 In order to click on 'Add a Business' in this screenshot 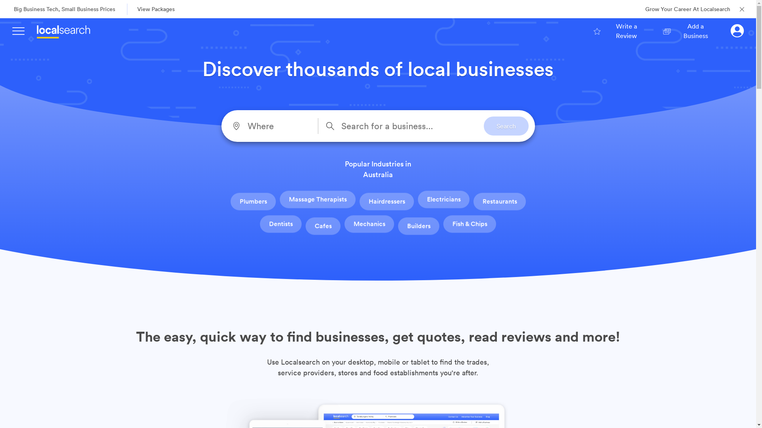, I will do `click(689, 30)`.